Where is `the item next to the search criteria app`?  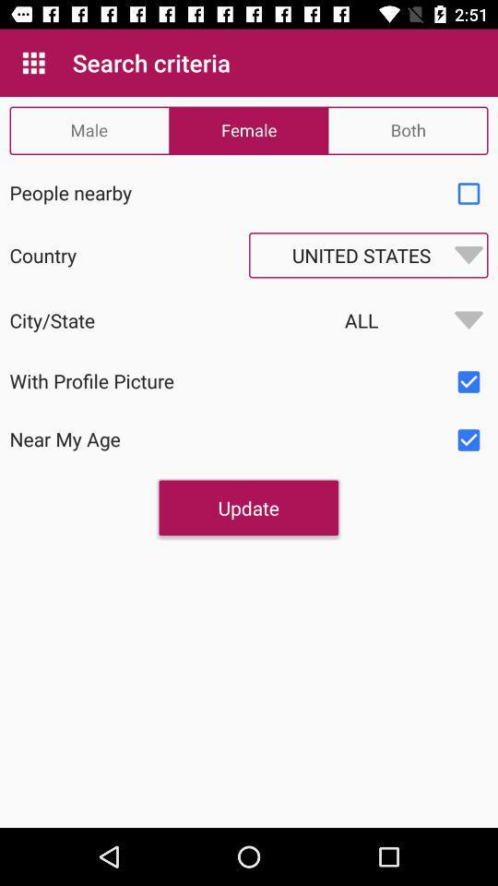
the item next to the search criteria app is located at coordinates (33, 63).